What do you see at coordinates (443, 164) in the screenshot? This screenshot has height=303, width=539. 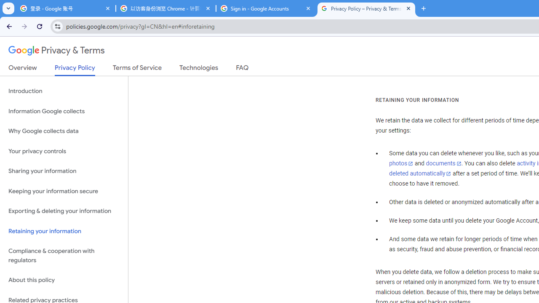 I see `'documents'` at bounding box center [443, 164].